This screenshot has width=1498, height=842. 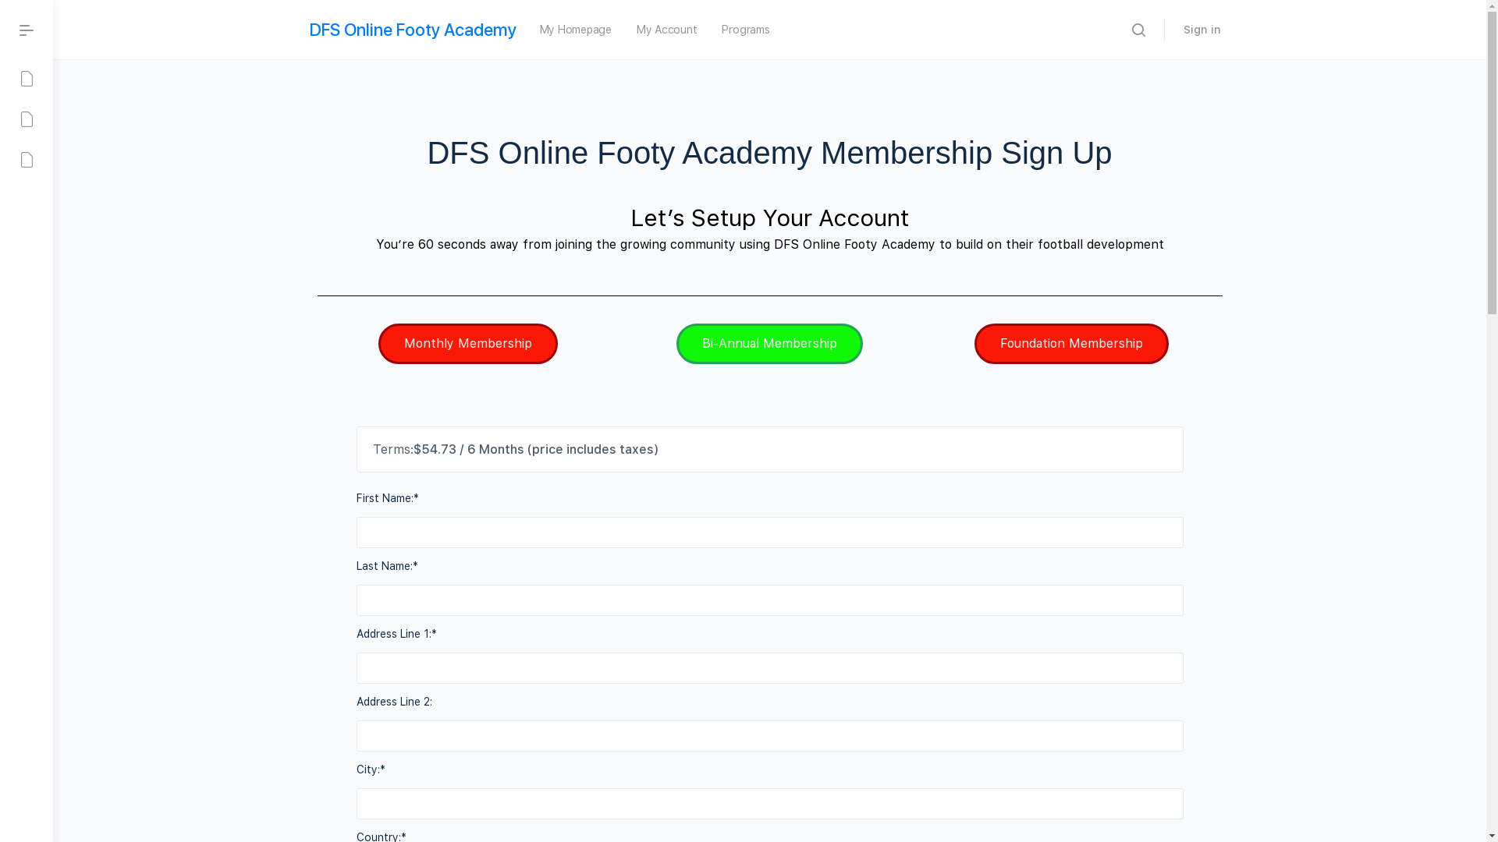 I want to click on 'Monthly Membership', so click(x=467, y=342).